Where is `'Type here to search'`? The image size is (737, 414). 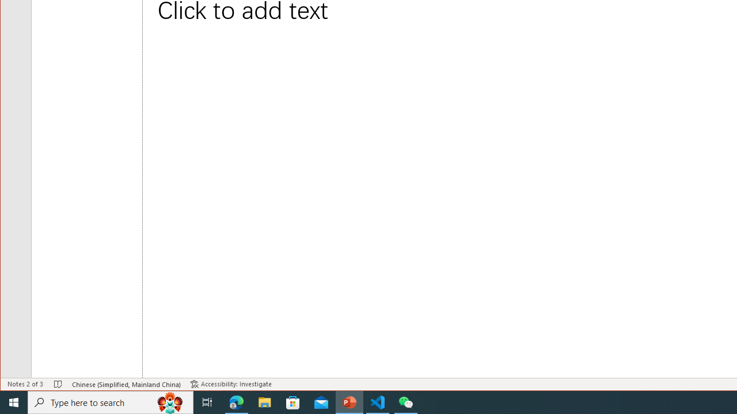 'Type here to search' is located at coordinates (111, 401).